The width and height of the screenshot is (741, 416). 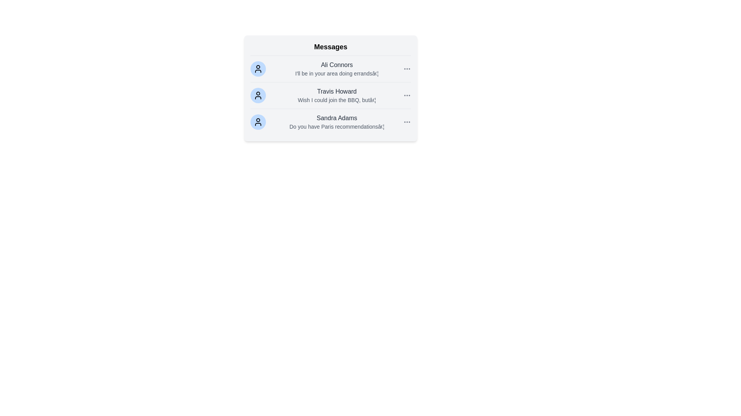 I want to click on text that is displayed in gray color and is located under the name 'Sandra Adams' in the third entry of the messages list, so click(x=337, y=126).